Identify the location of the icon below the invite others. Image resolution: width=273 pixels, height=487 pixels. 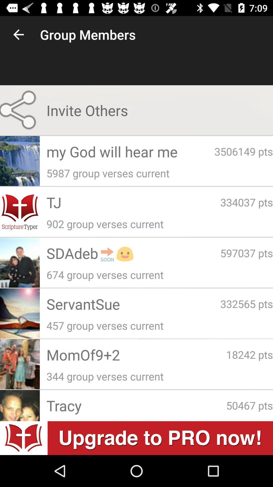
(130, 151).